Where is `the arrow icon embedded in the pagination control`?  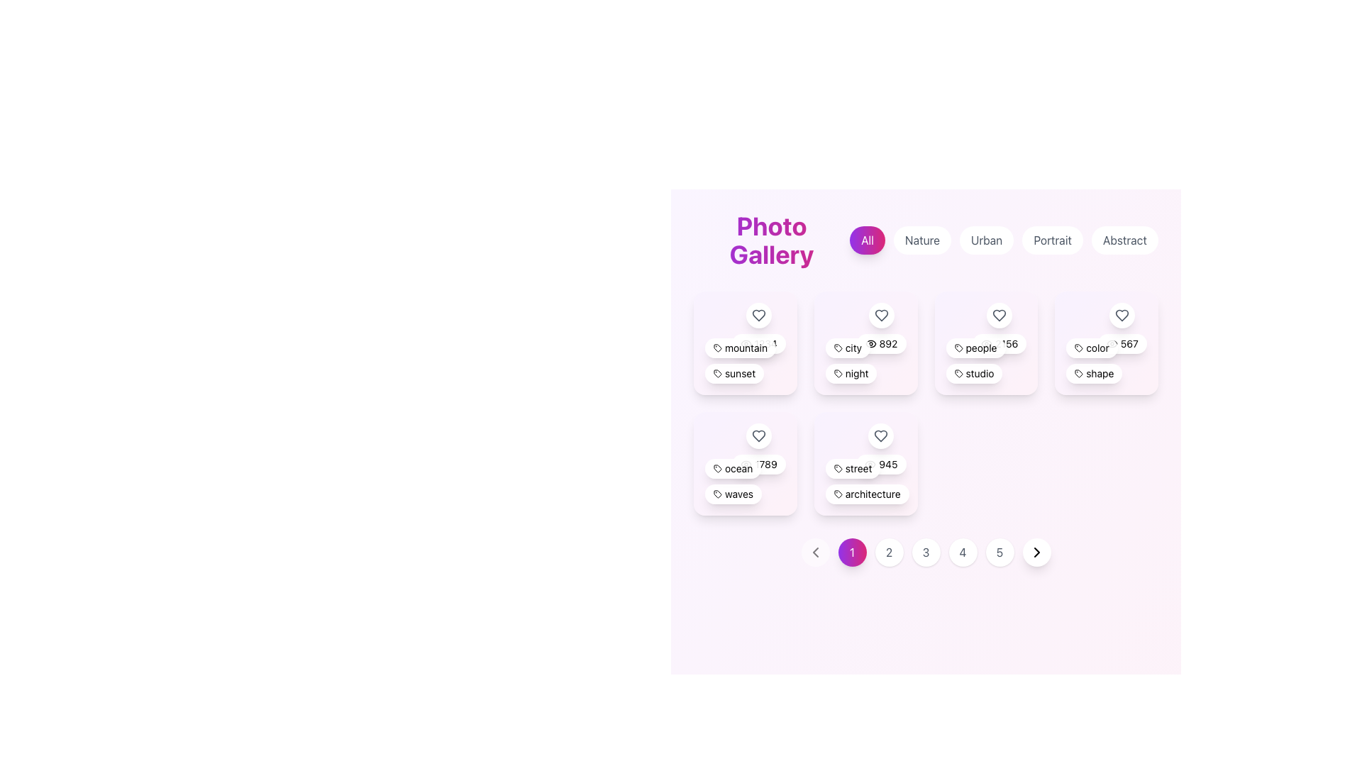
the arrow icon embedded in the pagination control is located at coordinates (815, 551).